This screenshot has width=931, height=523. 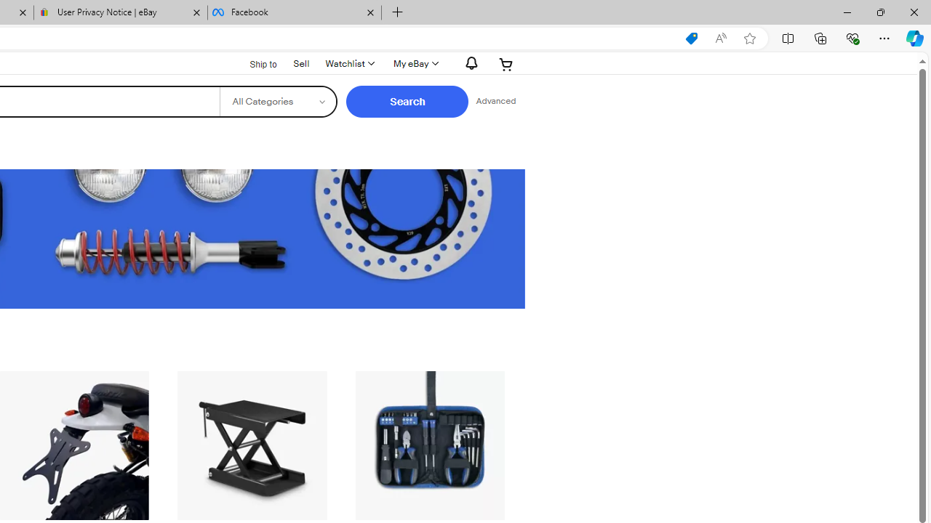 I want to click on 'Sell', so click(x=300, y=62).